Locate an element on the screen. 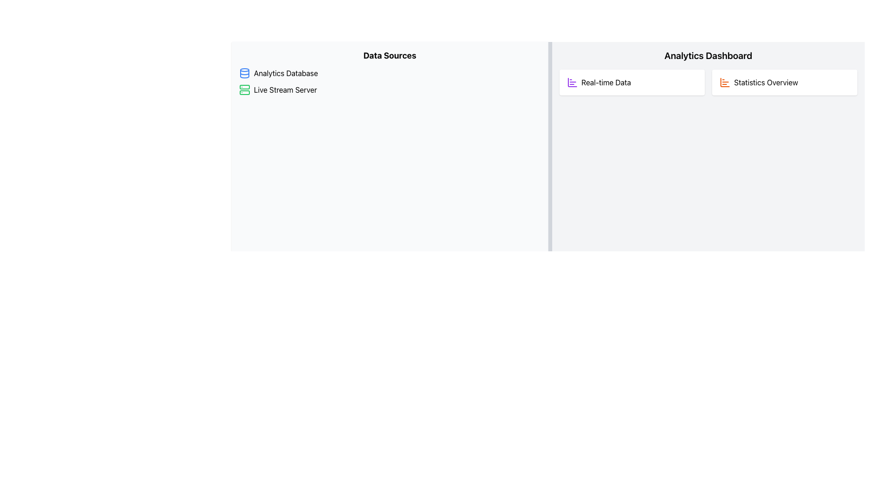  the green outlined server icon located to the left of the 'Live Stream Server' text in the 'Data Sources' section is located at coordinates (245, 90).